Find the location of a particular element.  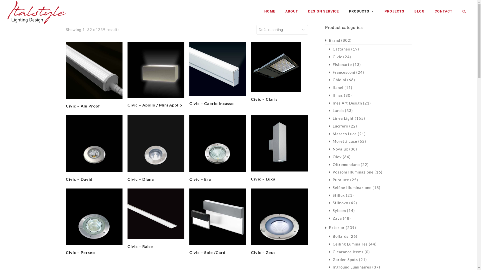

'Stilnovo' is located at coordinates (328, 202).